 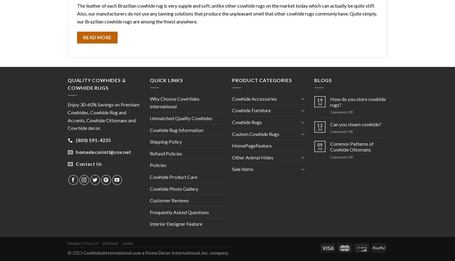 I want to click on 'Links', so click(x=127, y=243).